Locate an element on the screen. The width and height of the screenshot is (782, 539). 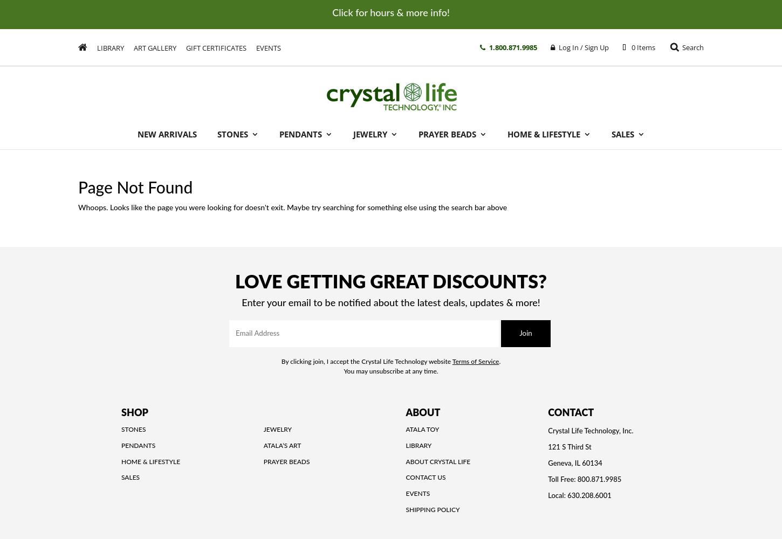
'About Crystal Life' is located at coordinates (405, 461).